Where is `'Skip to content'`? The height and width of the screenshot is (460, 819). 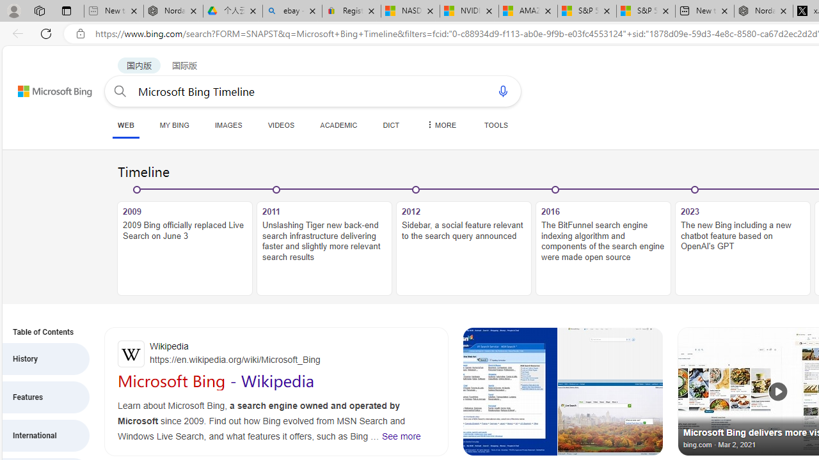
'Skip to content' is located at coordinates (41, 85).